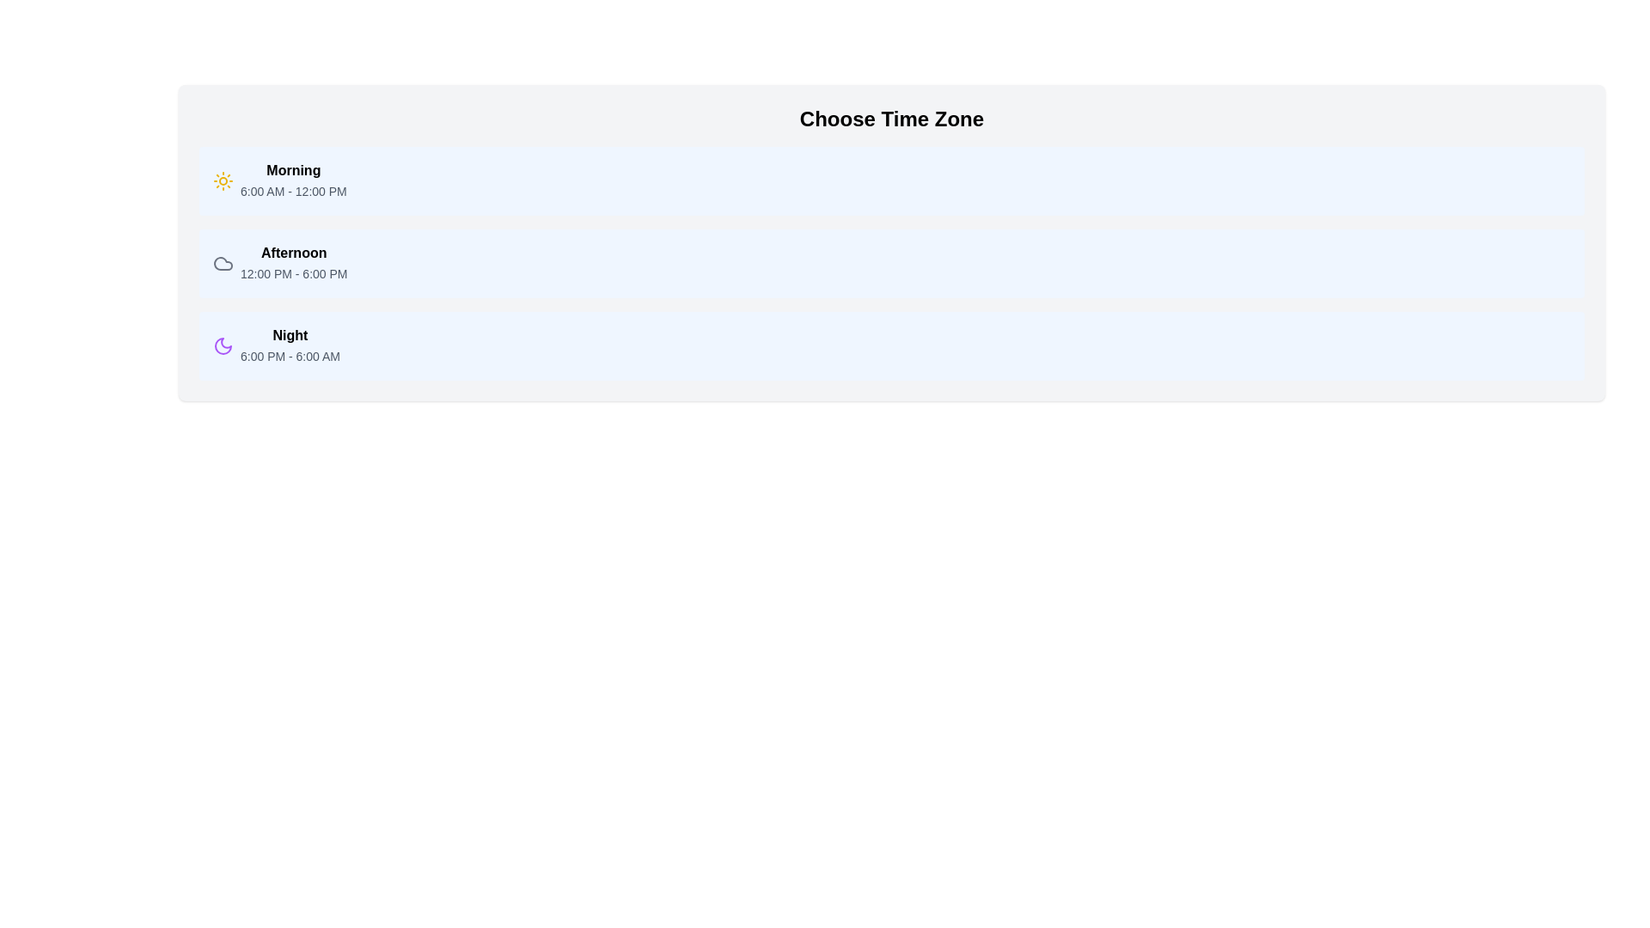 This screenshot has height=928, width=1650. What do you see at coordinates (222, 345) in the screenshot?
I see `the purple moon icon located in the 'Night 6:00 PM - 6:00 AM' section, which is styled with a thin outline and has a circular shape` at bounding box center [222, 345].